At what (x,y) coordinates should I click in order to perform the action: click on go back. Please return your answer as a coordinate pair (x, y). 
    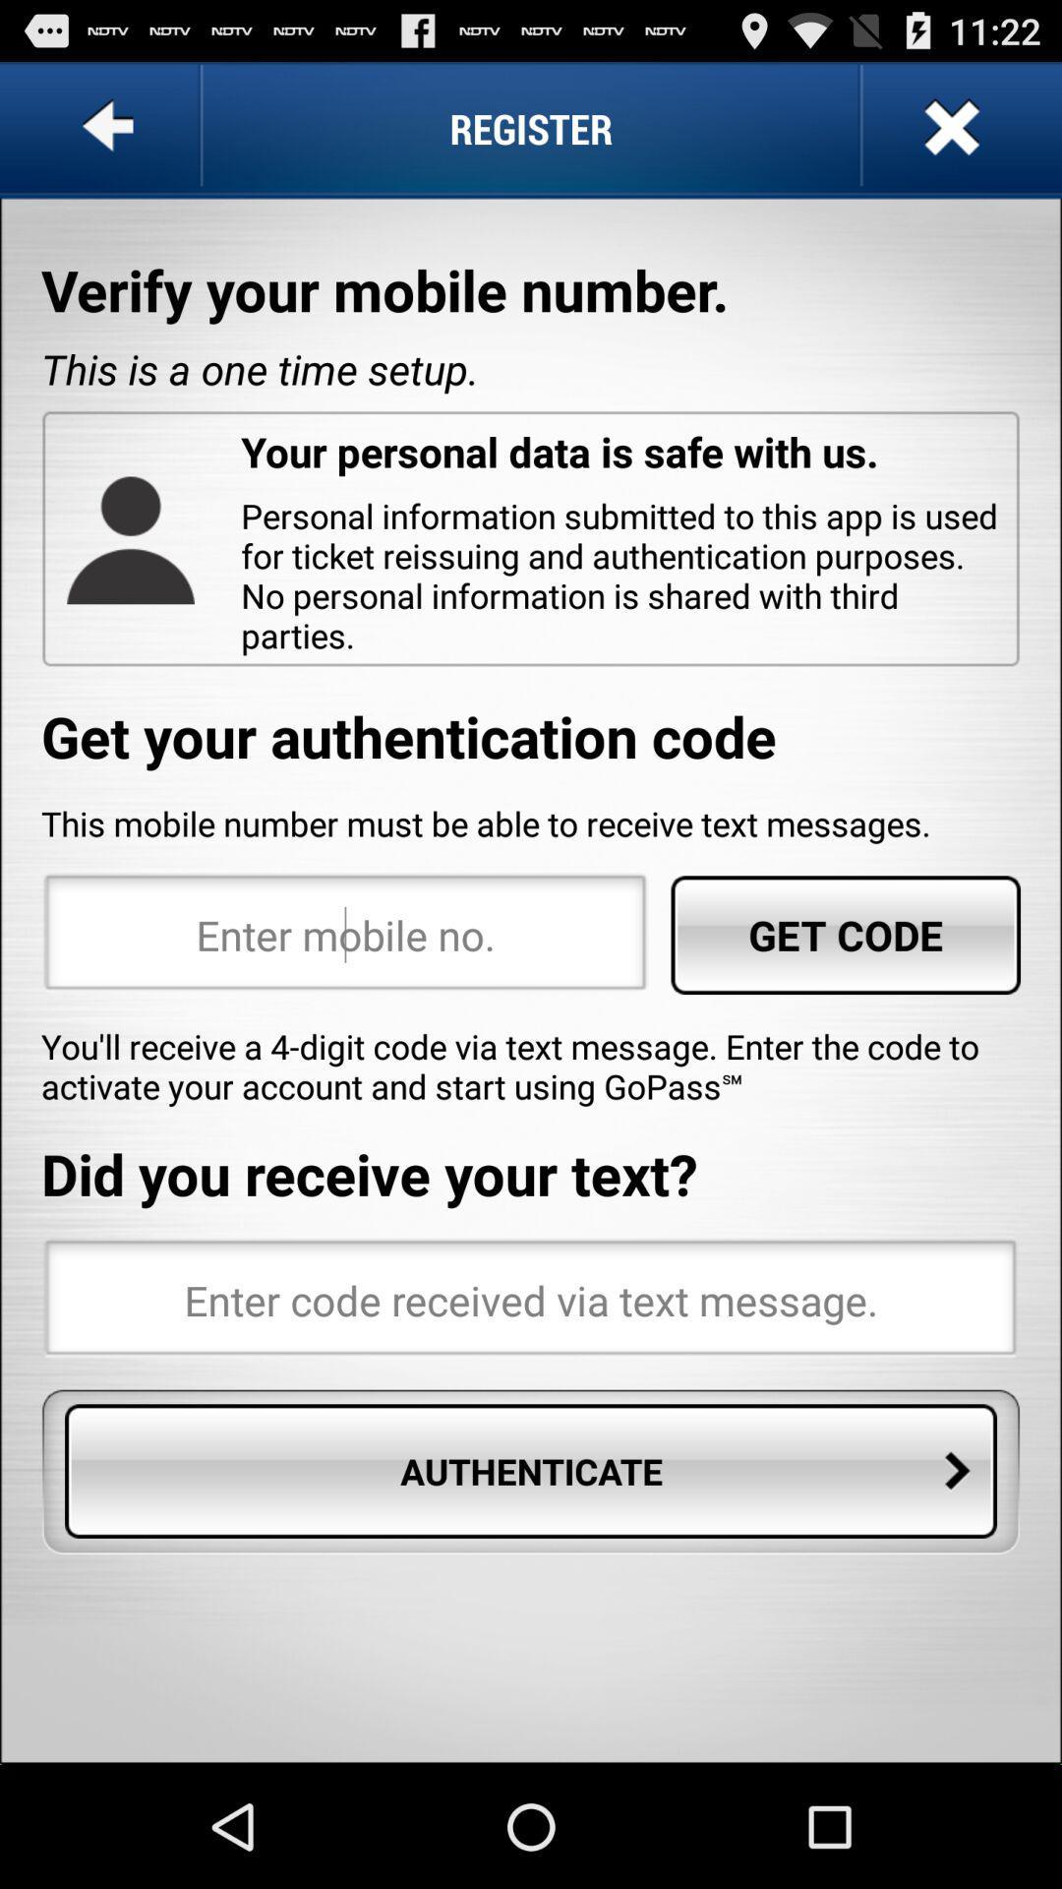
    Looking at the image, I should click on (112, 127).